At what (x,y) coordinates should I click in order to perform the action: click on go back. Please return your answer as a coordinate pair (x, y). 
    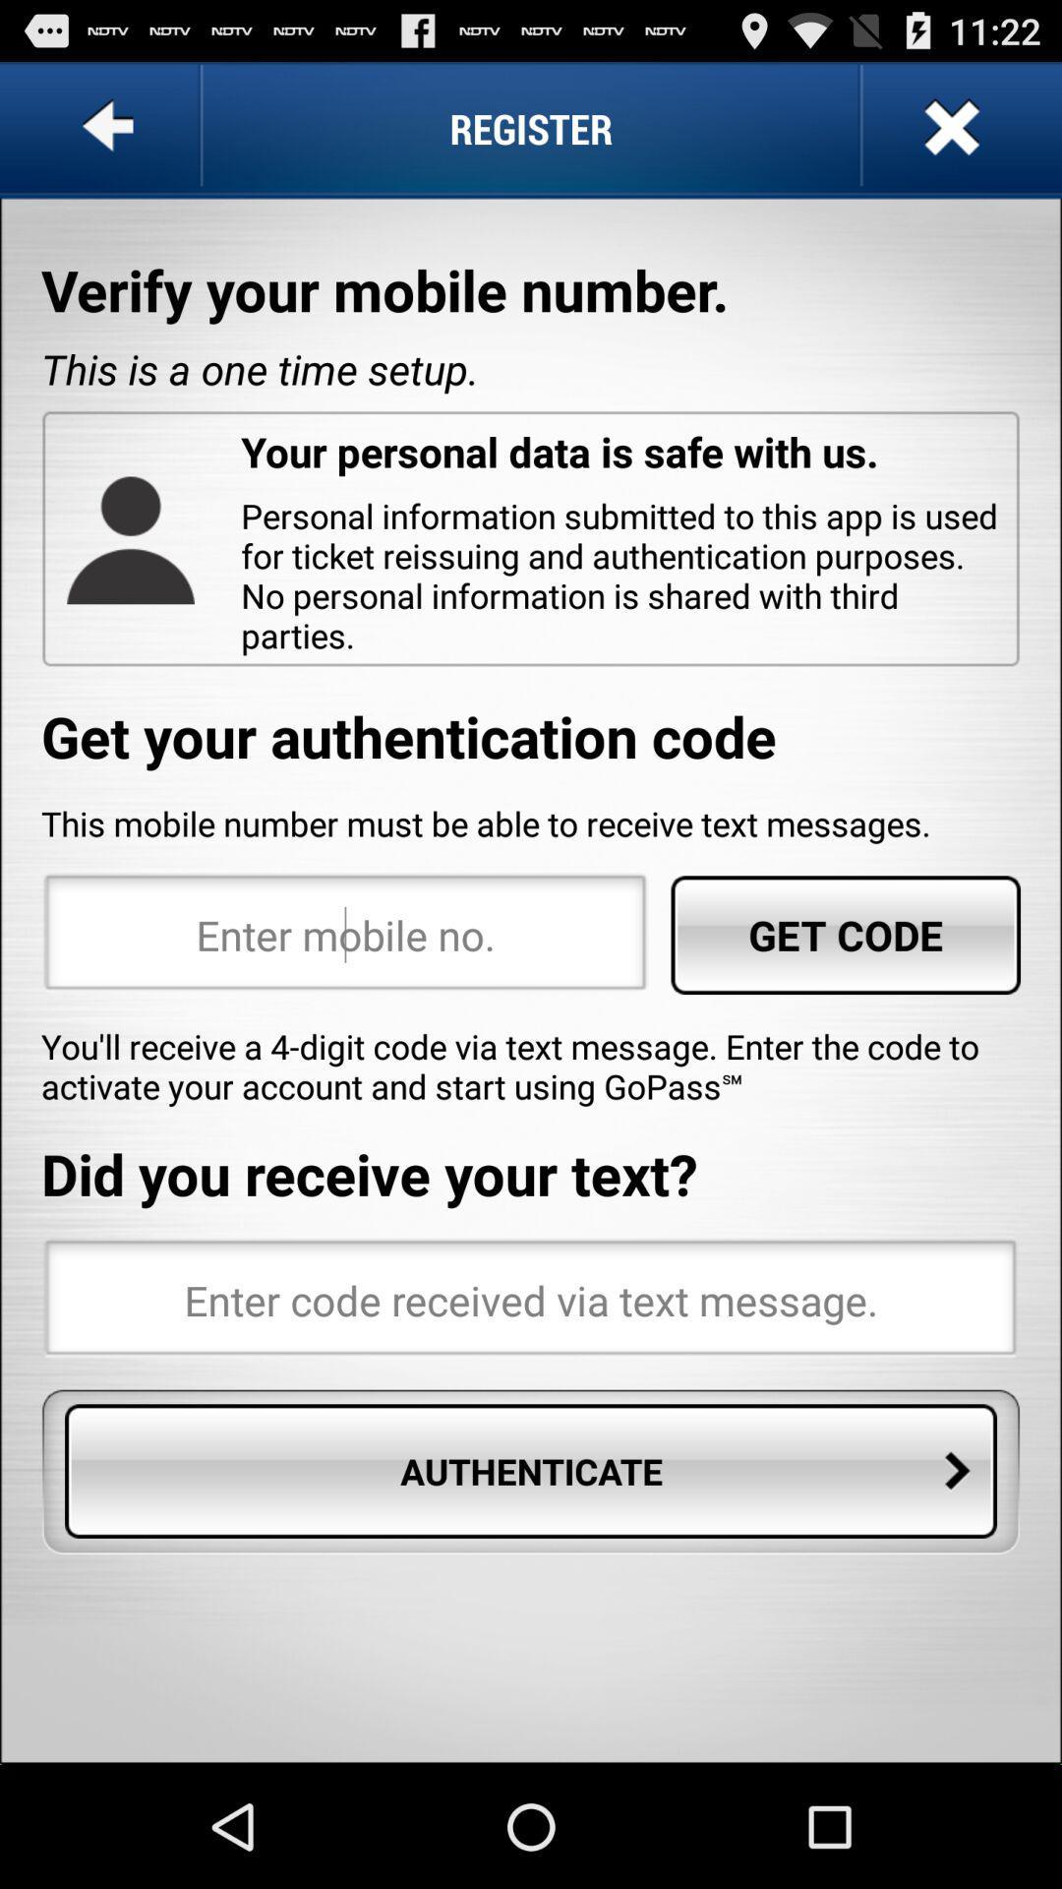
    Looking at the image, I should click on (112, 127).